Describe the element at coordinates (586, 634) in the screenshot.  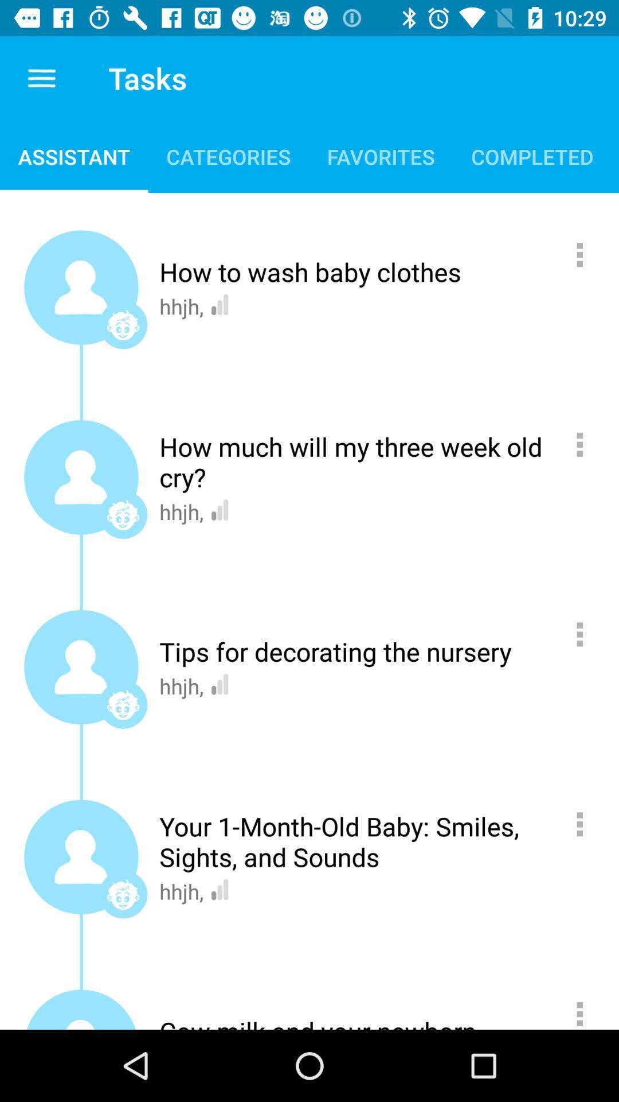
I see `more information` at that location.